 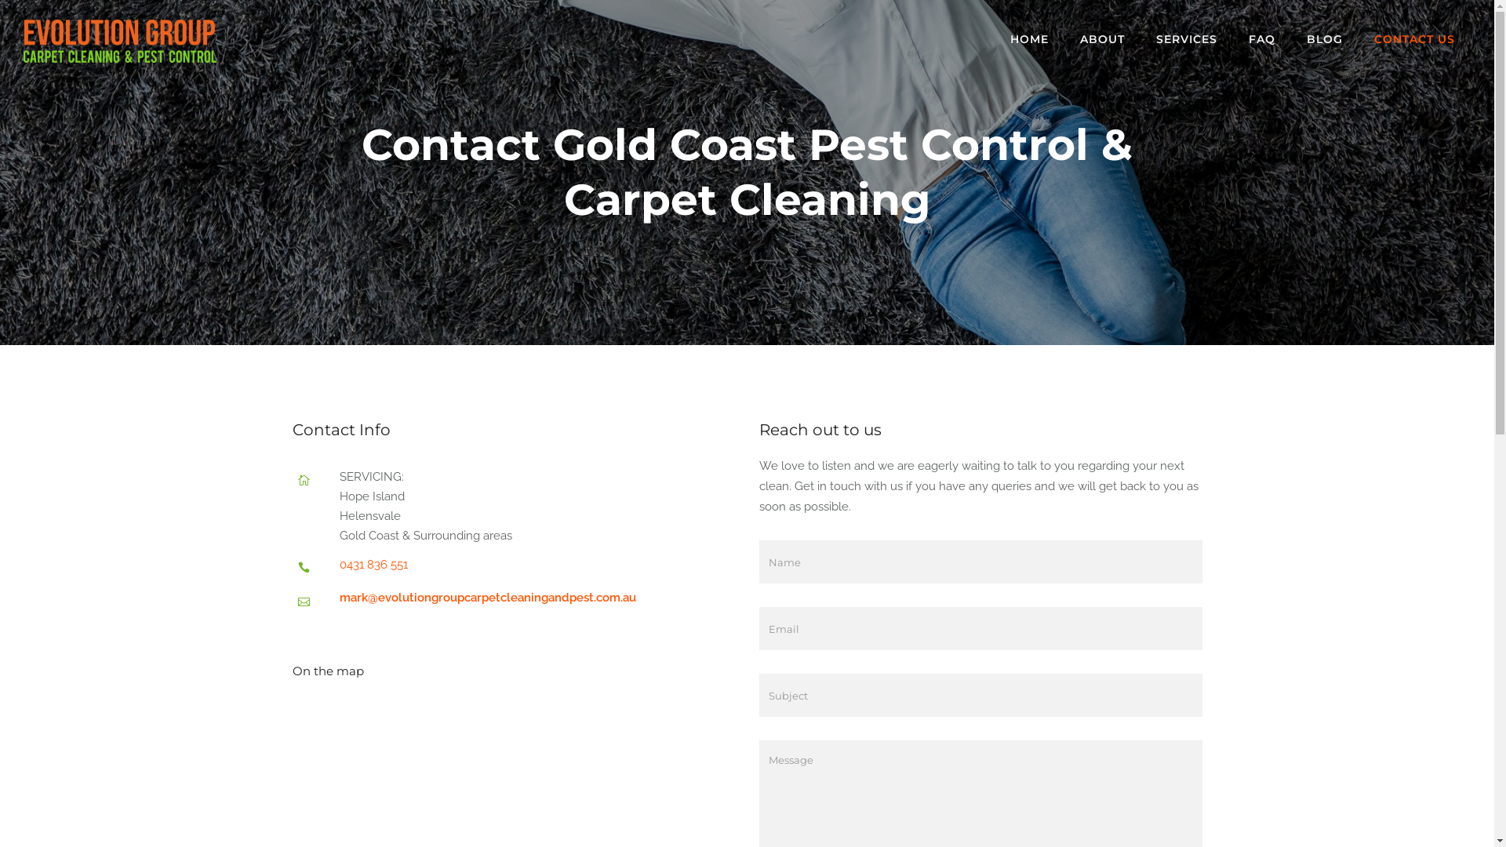 I want to click on 'ABOUT', so click(x=1101, y=38).